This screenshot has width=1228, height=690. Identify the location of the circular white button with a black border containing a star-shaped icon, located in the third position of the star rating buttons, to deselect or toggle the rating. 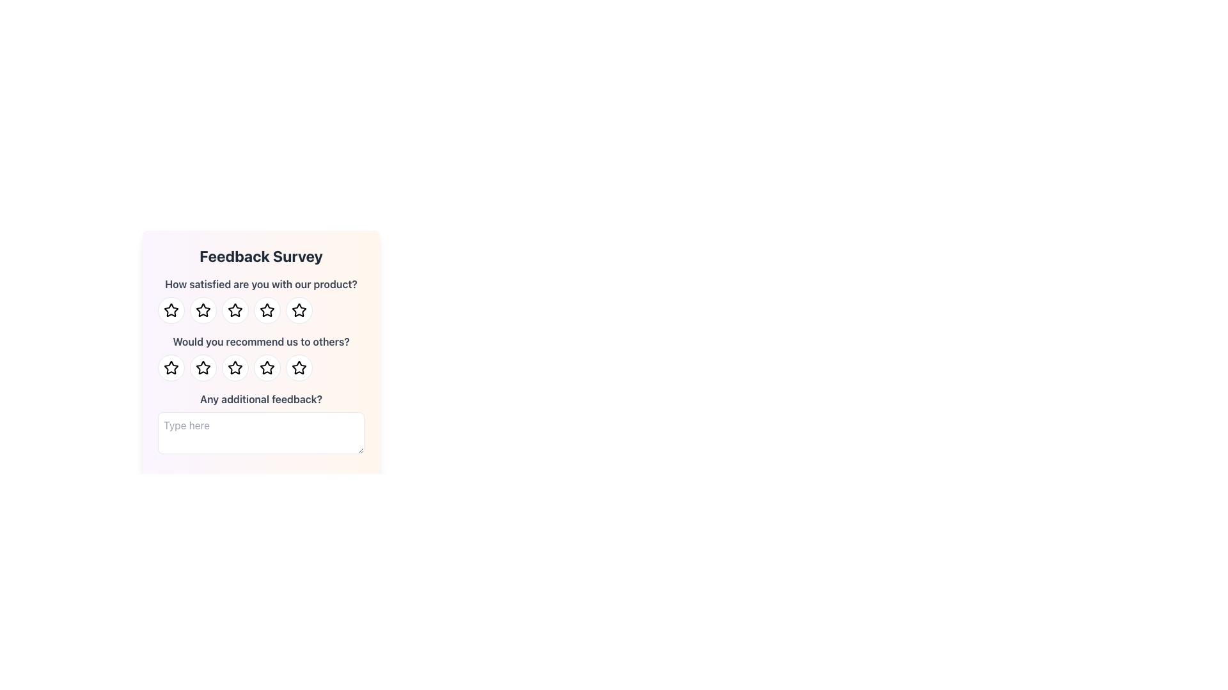
(235, 310).